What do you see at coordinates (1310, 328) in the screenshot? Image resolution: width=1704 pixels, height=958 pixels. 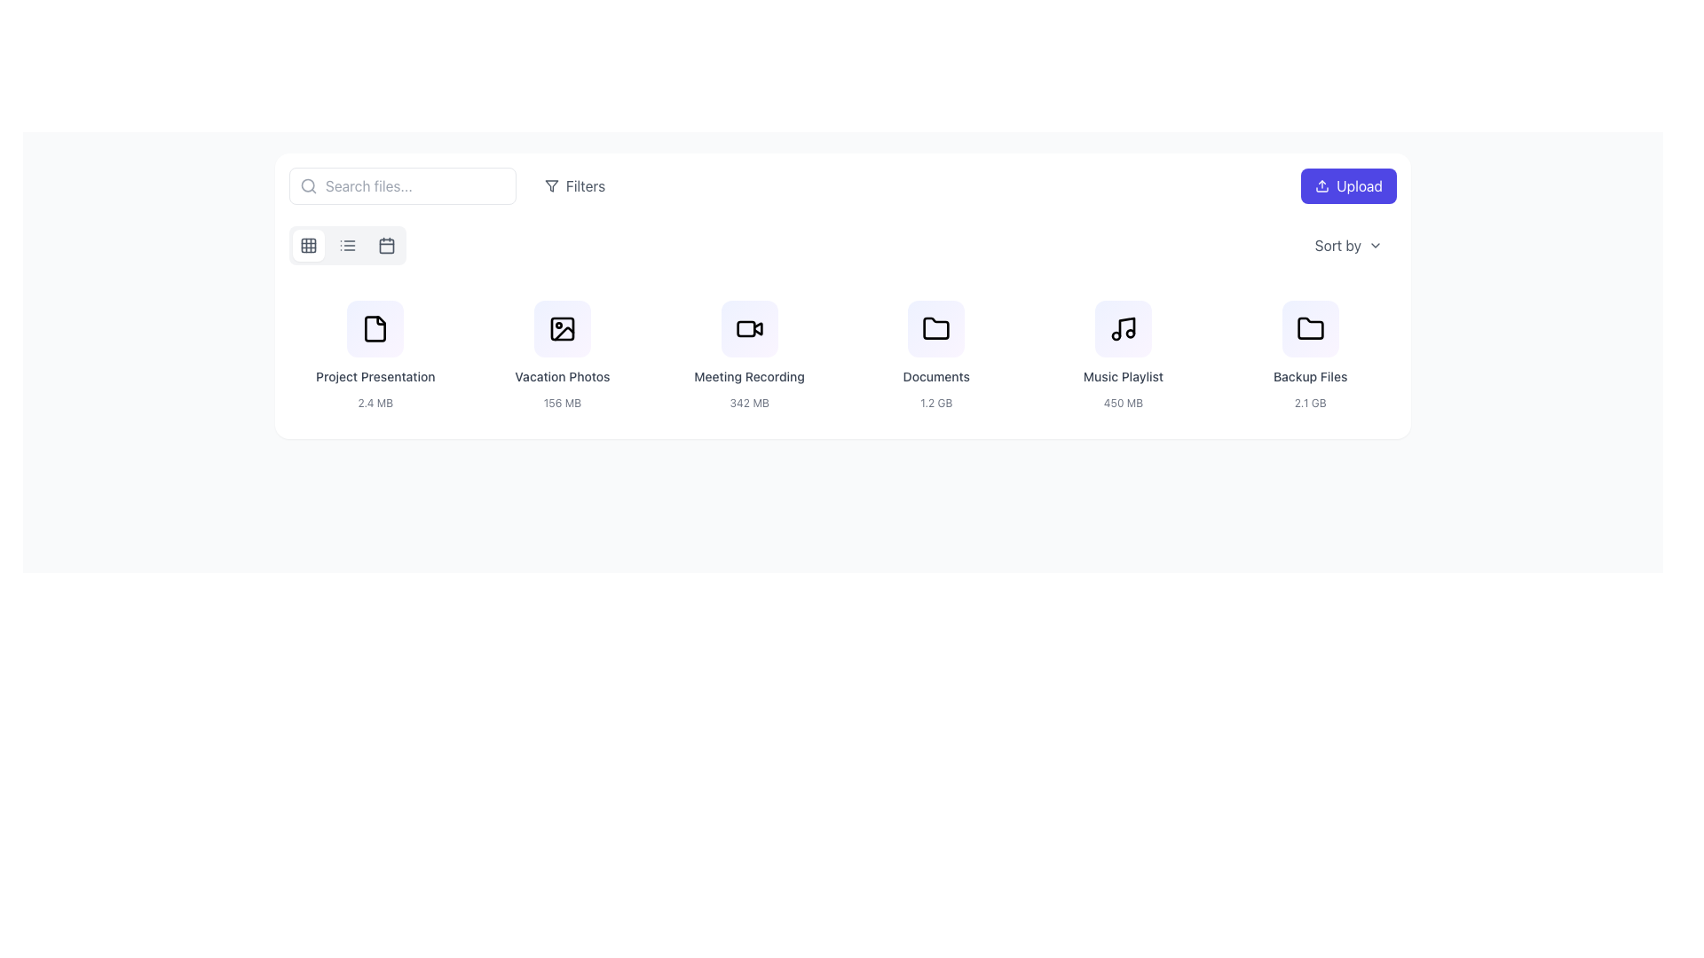 I see `the folder icon in the 'Backup Files' section` at bounding box center [1310, 328].